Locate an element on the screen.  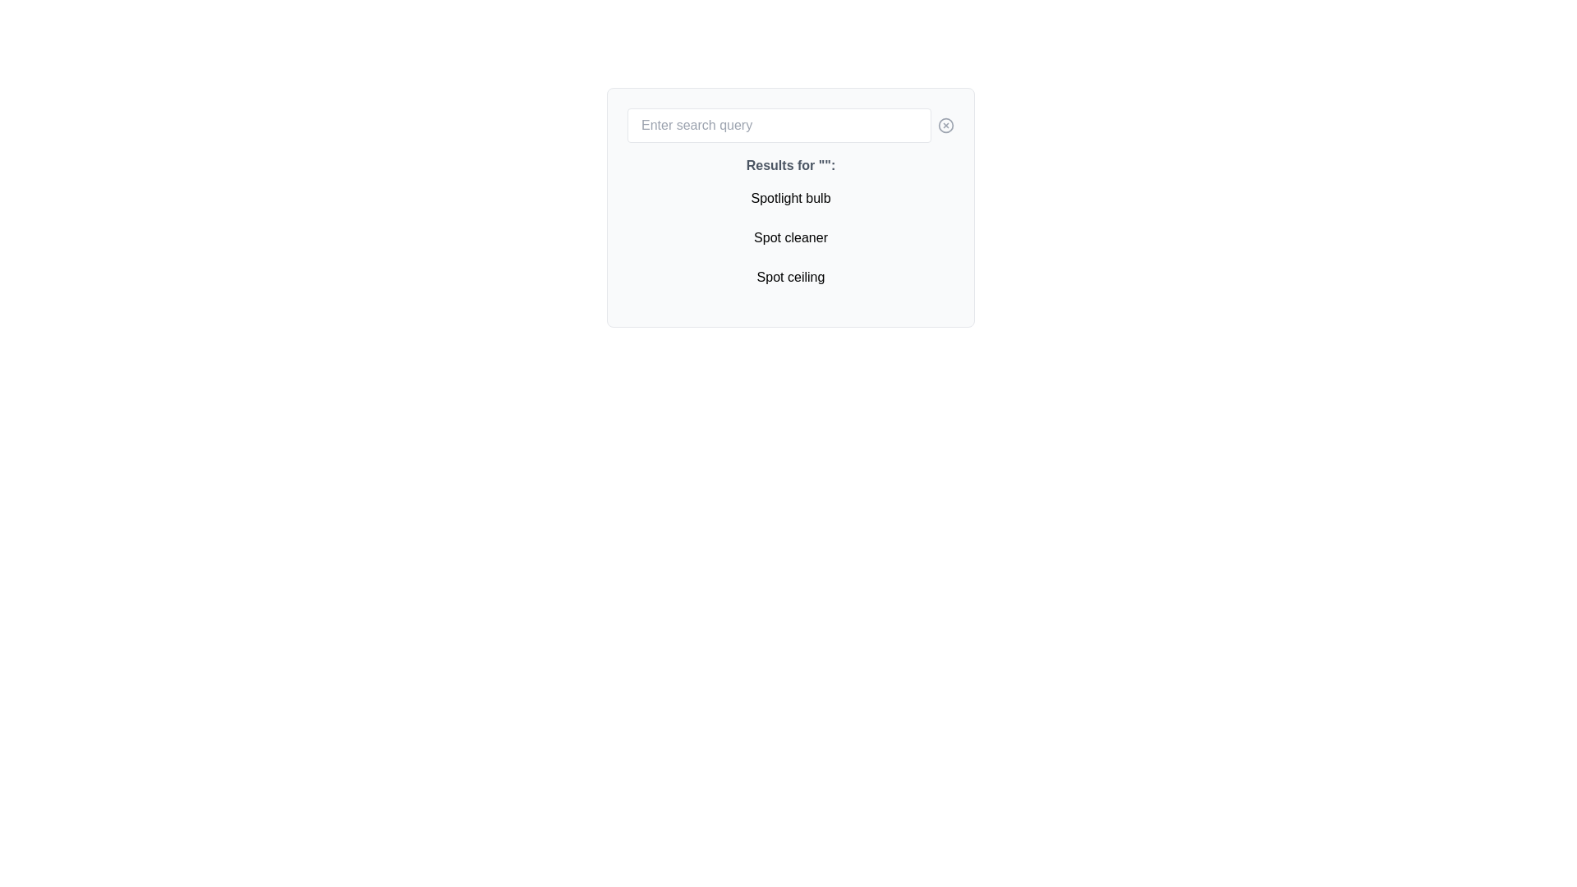
the second 'b' in 'bulb' within the text 'Spotlight bulb' that is part of the first item in the search list is located at coordinates (827, 197).